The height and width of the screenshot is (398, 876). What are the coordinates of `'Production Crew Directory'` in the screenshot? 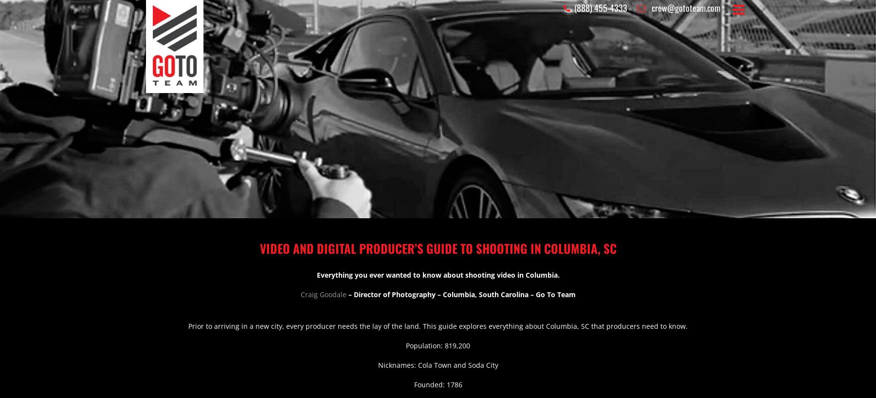 It's located at (438, 294).